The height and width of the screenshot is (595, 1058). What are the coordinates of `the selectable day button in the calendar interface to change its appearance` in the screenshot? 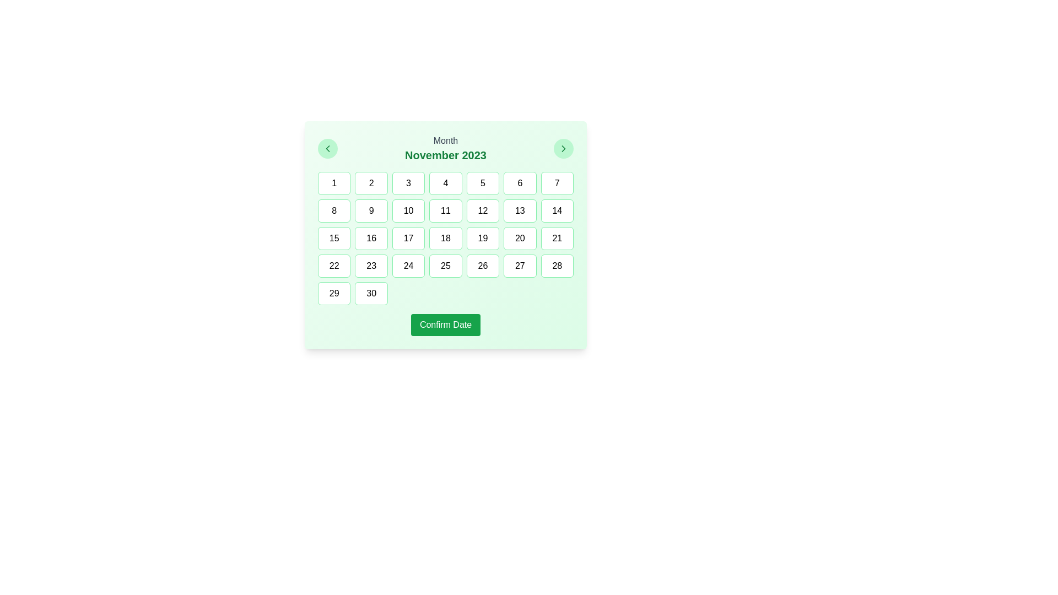 It's located at (371, 266).